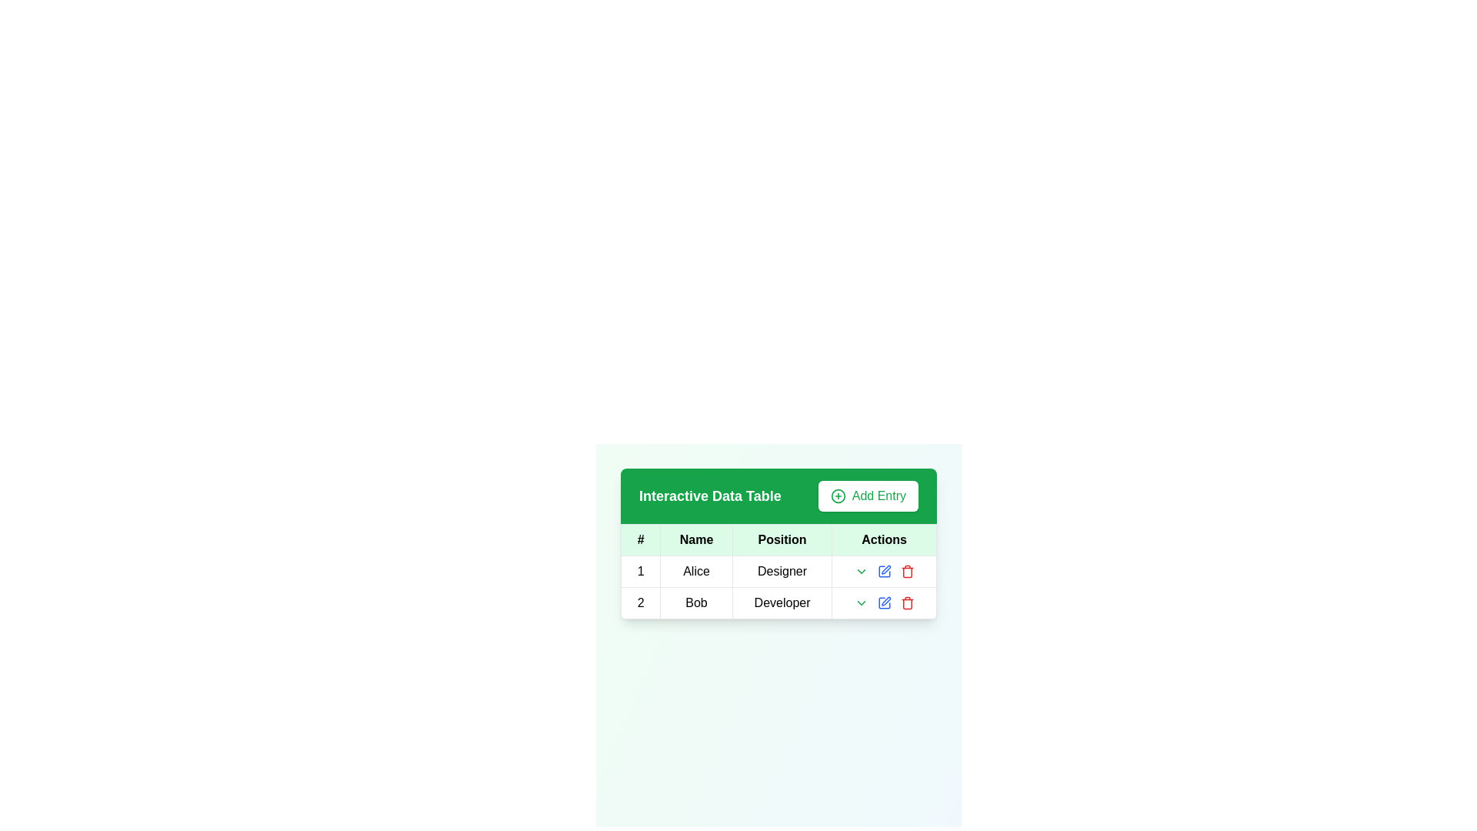  I want to click on the text box that contains the number '2', which is the first column in the second row of a table, positioned under the '# Name Position Actions' header, so click(641, 602).